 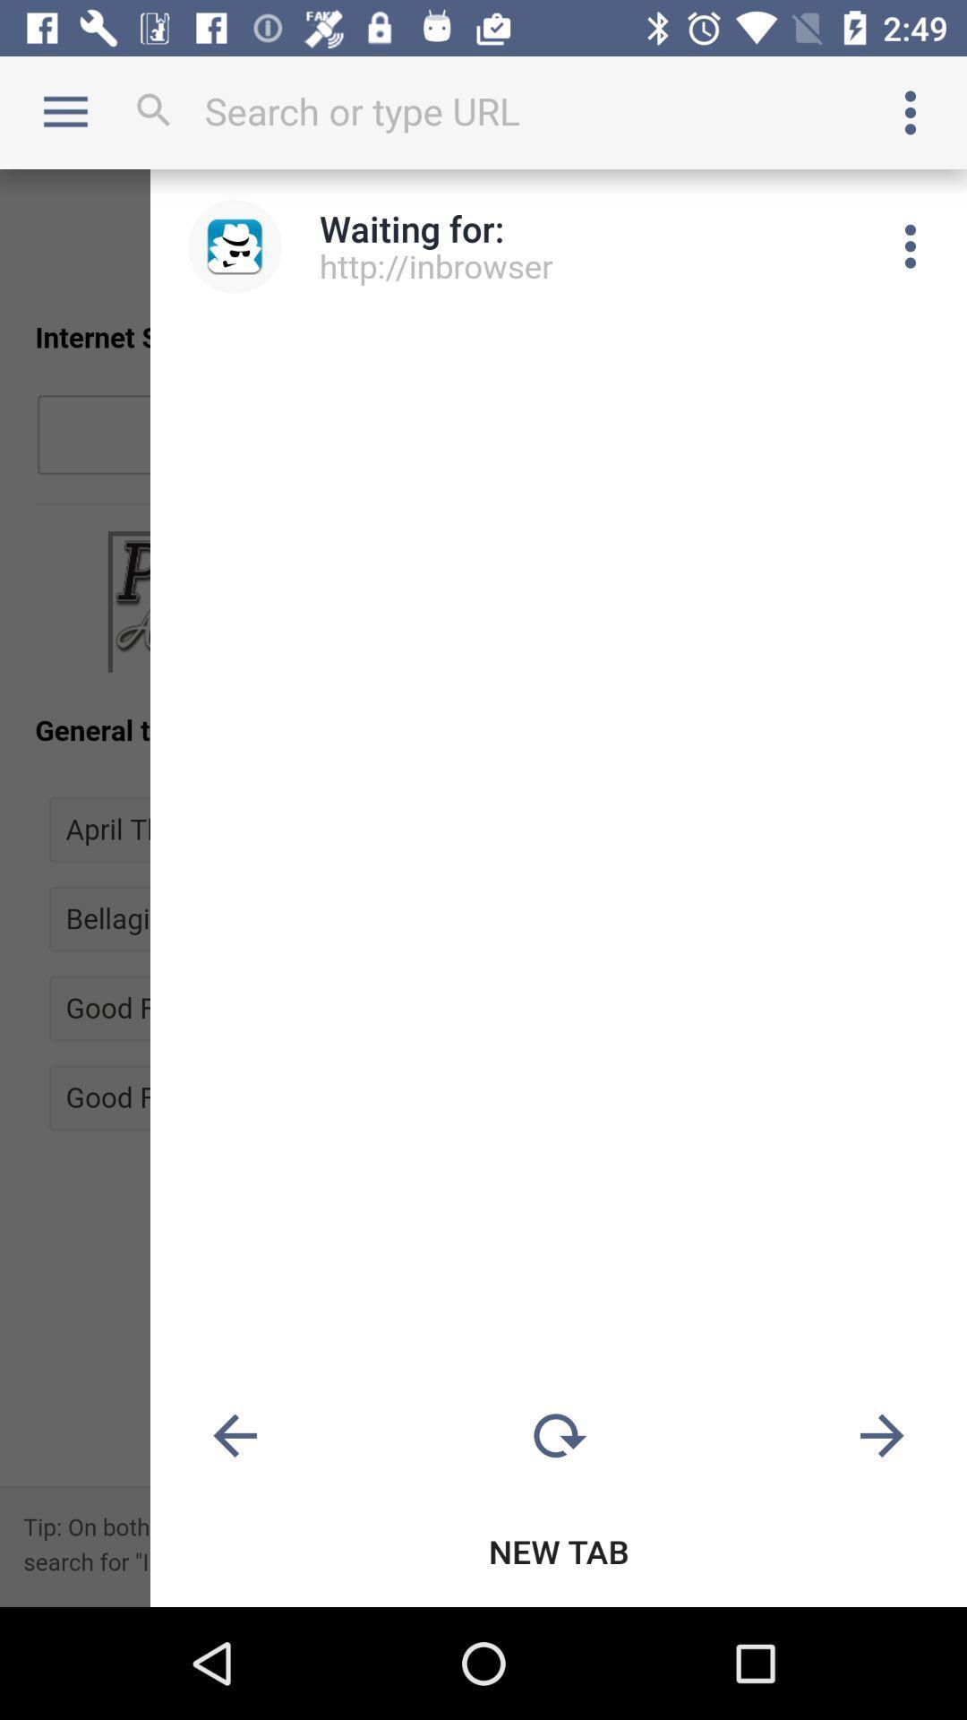 What do you see at coordinates (234, 1436) in the screenshot?
I see `go back` at bounding box center [234, 1436].